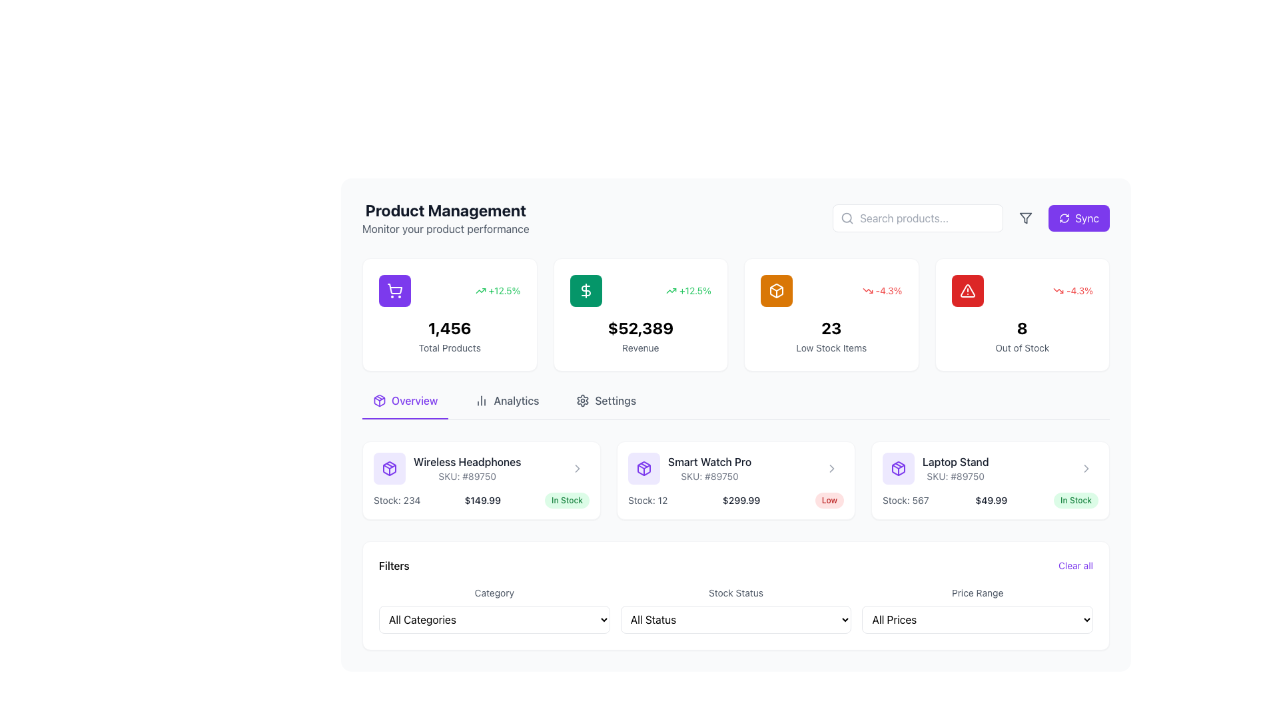  What do you see at coordinates (394, 290) in the screenshot?
I see `the shopping cart icon outlined in white strokes against a violet background` at bounding box center [394, 290].